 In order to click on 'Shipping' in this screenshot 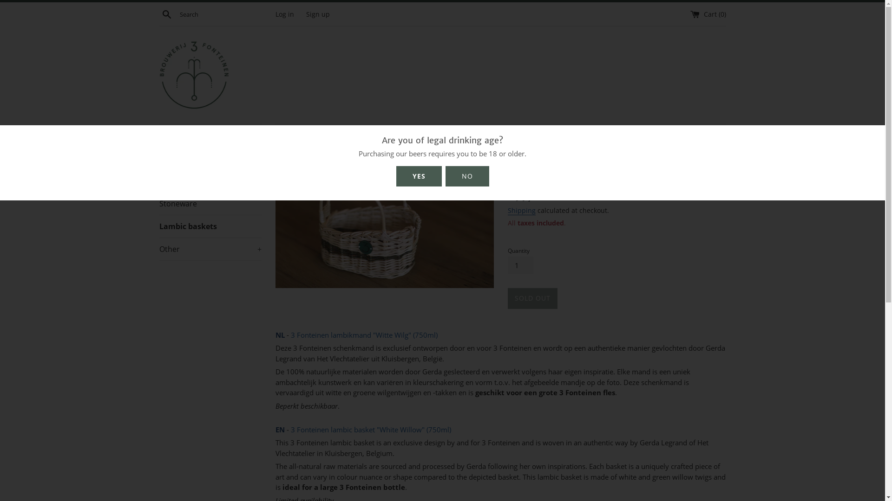, I will do `click(521, 211)`.